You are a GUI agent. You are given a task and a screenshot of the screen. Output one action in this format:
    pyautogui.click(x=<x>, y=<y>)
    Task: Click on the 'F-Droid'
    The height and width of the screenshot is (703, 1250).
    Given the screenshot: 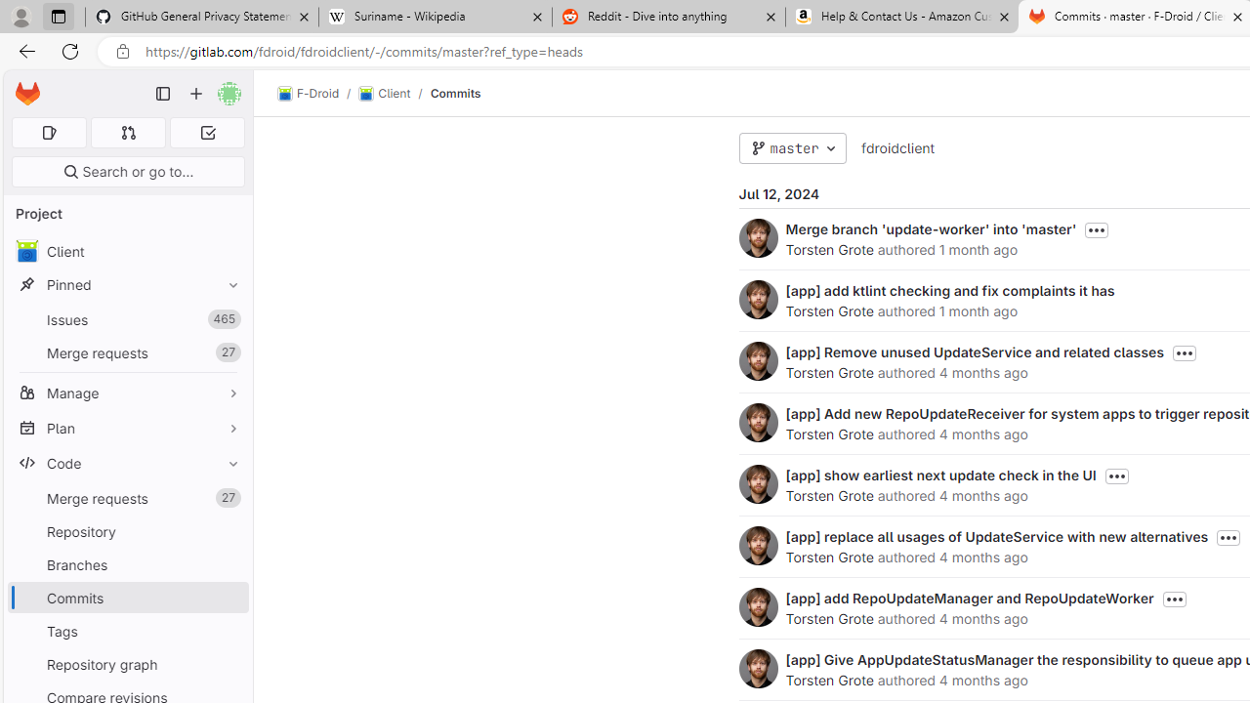 What is the action you would take?
    pyautogui.click(x=308, y=94)
    